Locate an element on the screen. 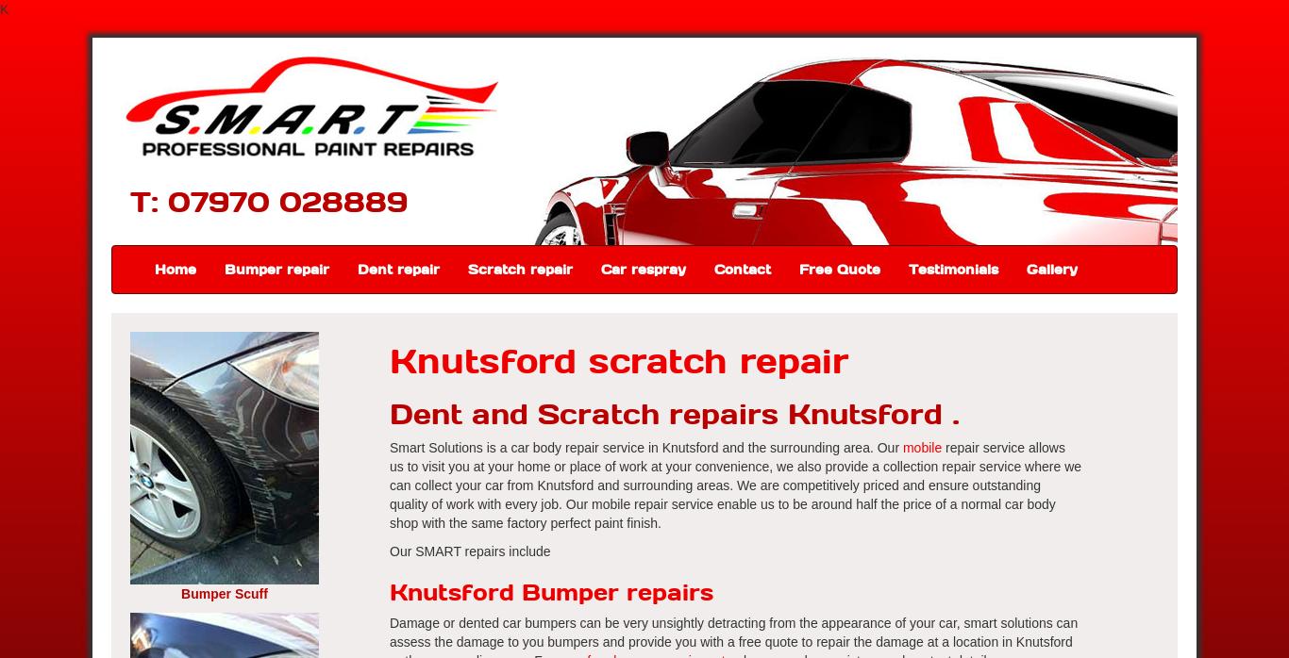 The image size is (1289, 658). 'repair service allows us to visit you at your home or place of work at your convenience,  we also provide a collection repair service where we can collect your car from Knutsford and surrounding areas.  We are competitively priced and ensure outstanding quality of work with every job.  Our mobile repair service  enable us to be around half the price of a normal car body shop with the same factory perfect paint finish.' is located at coordinates (735, 485).